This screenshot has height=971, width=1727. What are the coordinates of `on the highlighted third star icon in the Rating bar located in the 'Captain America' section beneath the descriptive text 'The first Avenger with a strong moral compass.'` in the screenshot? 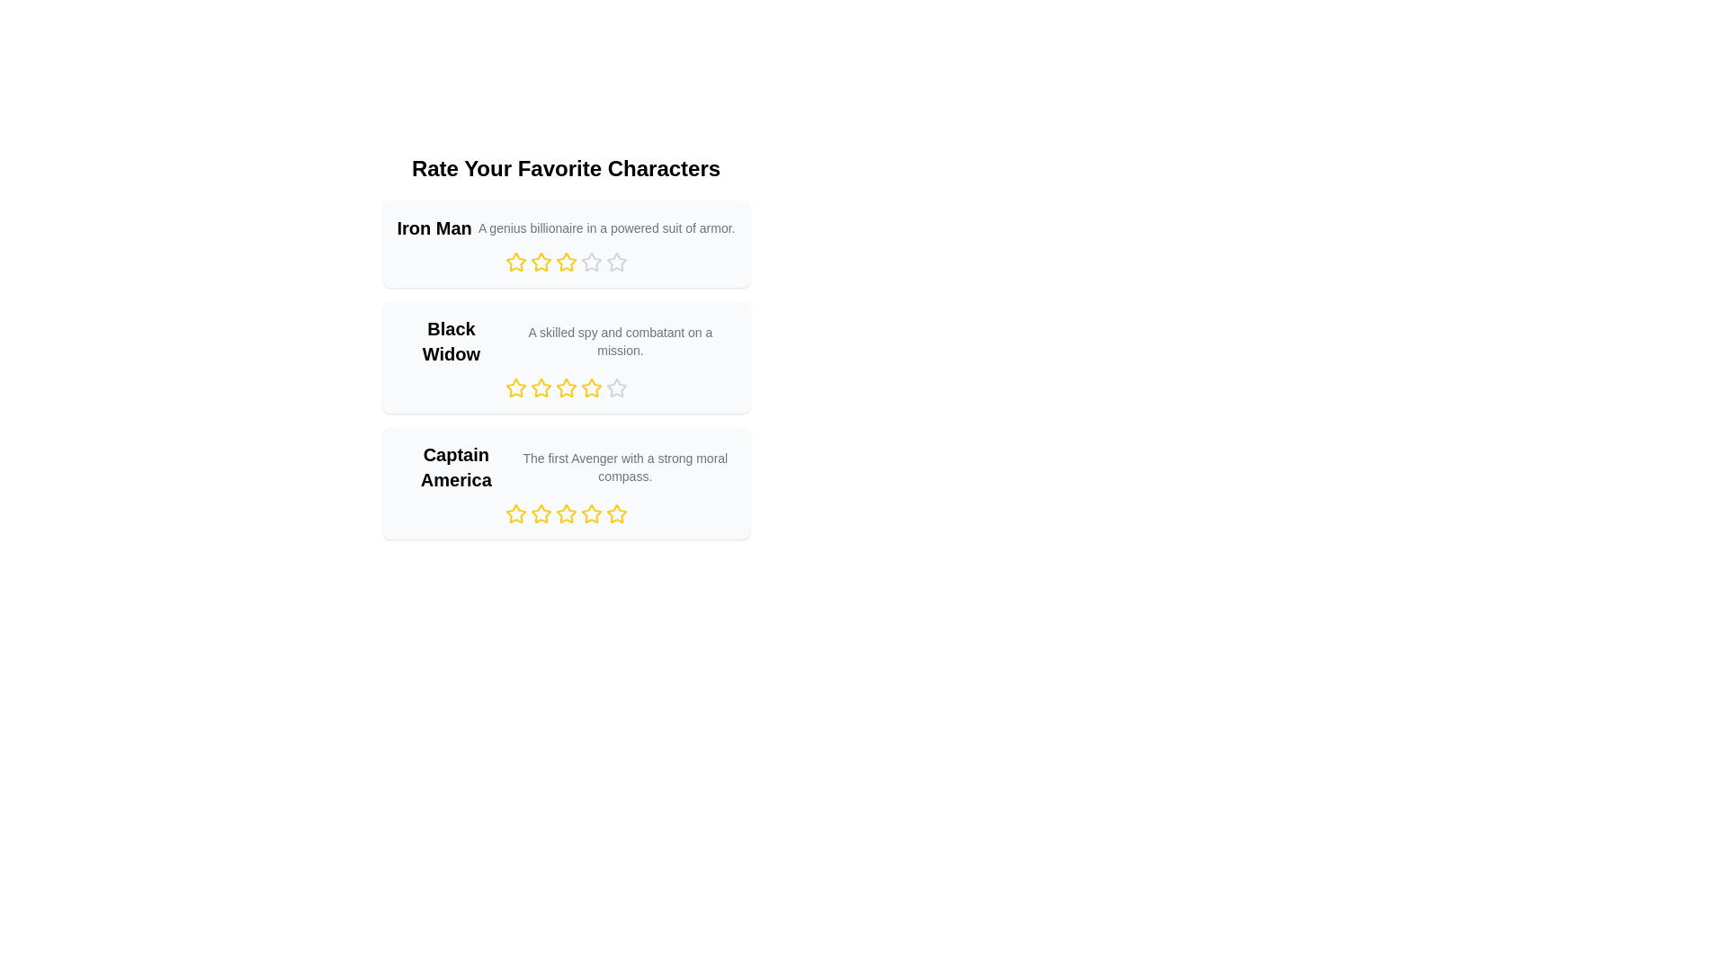 It's located at (565, 513).